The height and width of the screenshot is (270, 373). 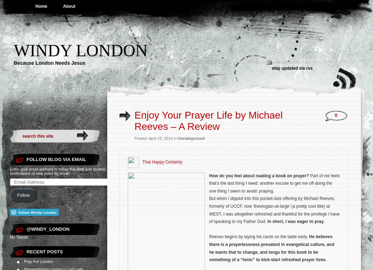 What do you see at coordinates (80, 50) in the screenshot?
I see `'Windy London'` at bounding box center [80, 50].